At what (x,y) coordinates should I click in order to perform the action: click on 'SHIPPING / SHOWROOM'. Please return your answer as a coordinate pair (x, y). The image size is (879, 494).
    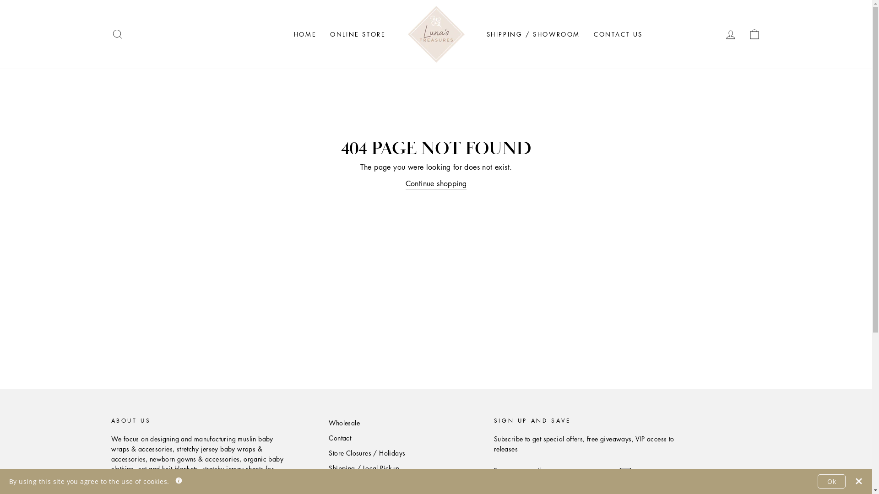
    Looking at the image, I should click on (533, 33).